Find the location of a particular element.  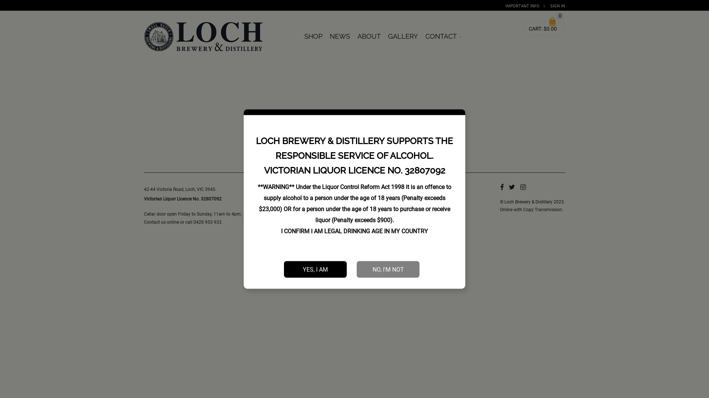

'BOOKINGS' is located at coordinates (469, 32).